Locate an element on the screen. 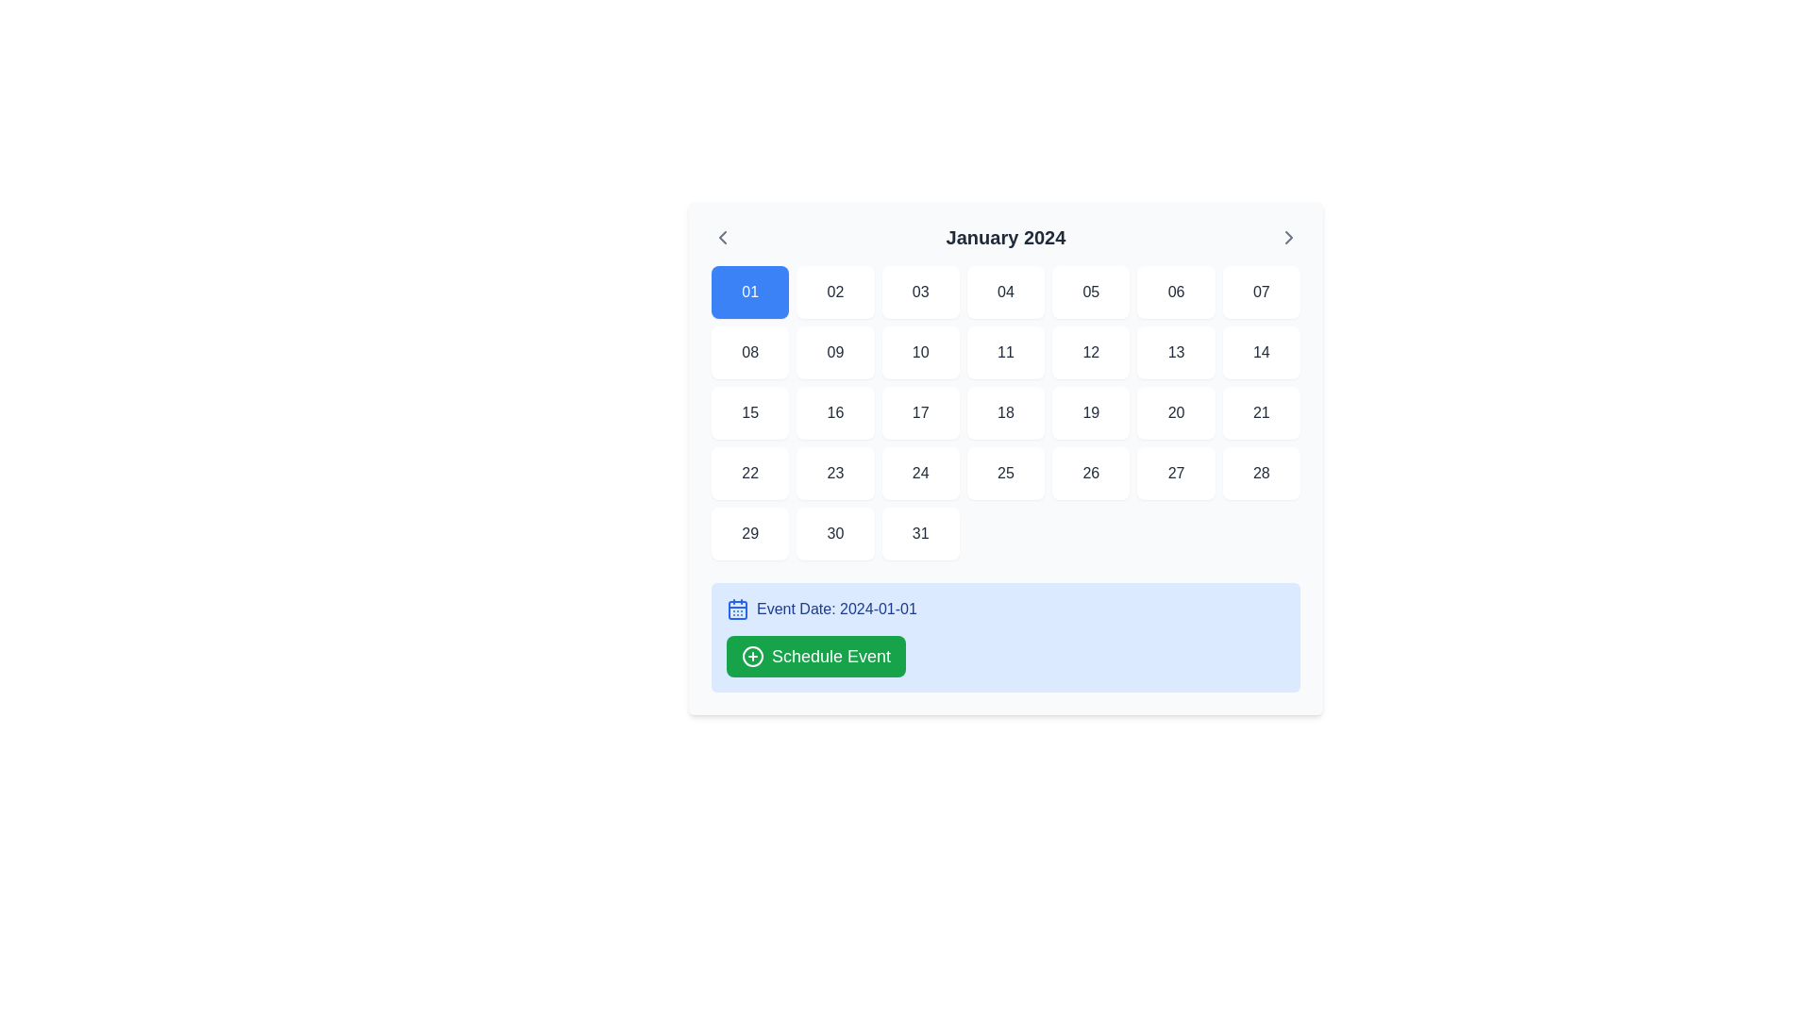 The width and height of the screenshot is (1812, 1019). the button representing the date '08' in the calendar interface is located at coordinates (749, 353).